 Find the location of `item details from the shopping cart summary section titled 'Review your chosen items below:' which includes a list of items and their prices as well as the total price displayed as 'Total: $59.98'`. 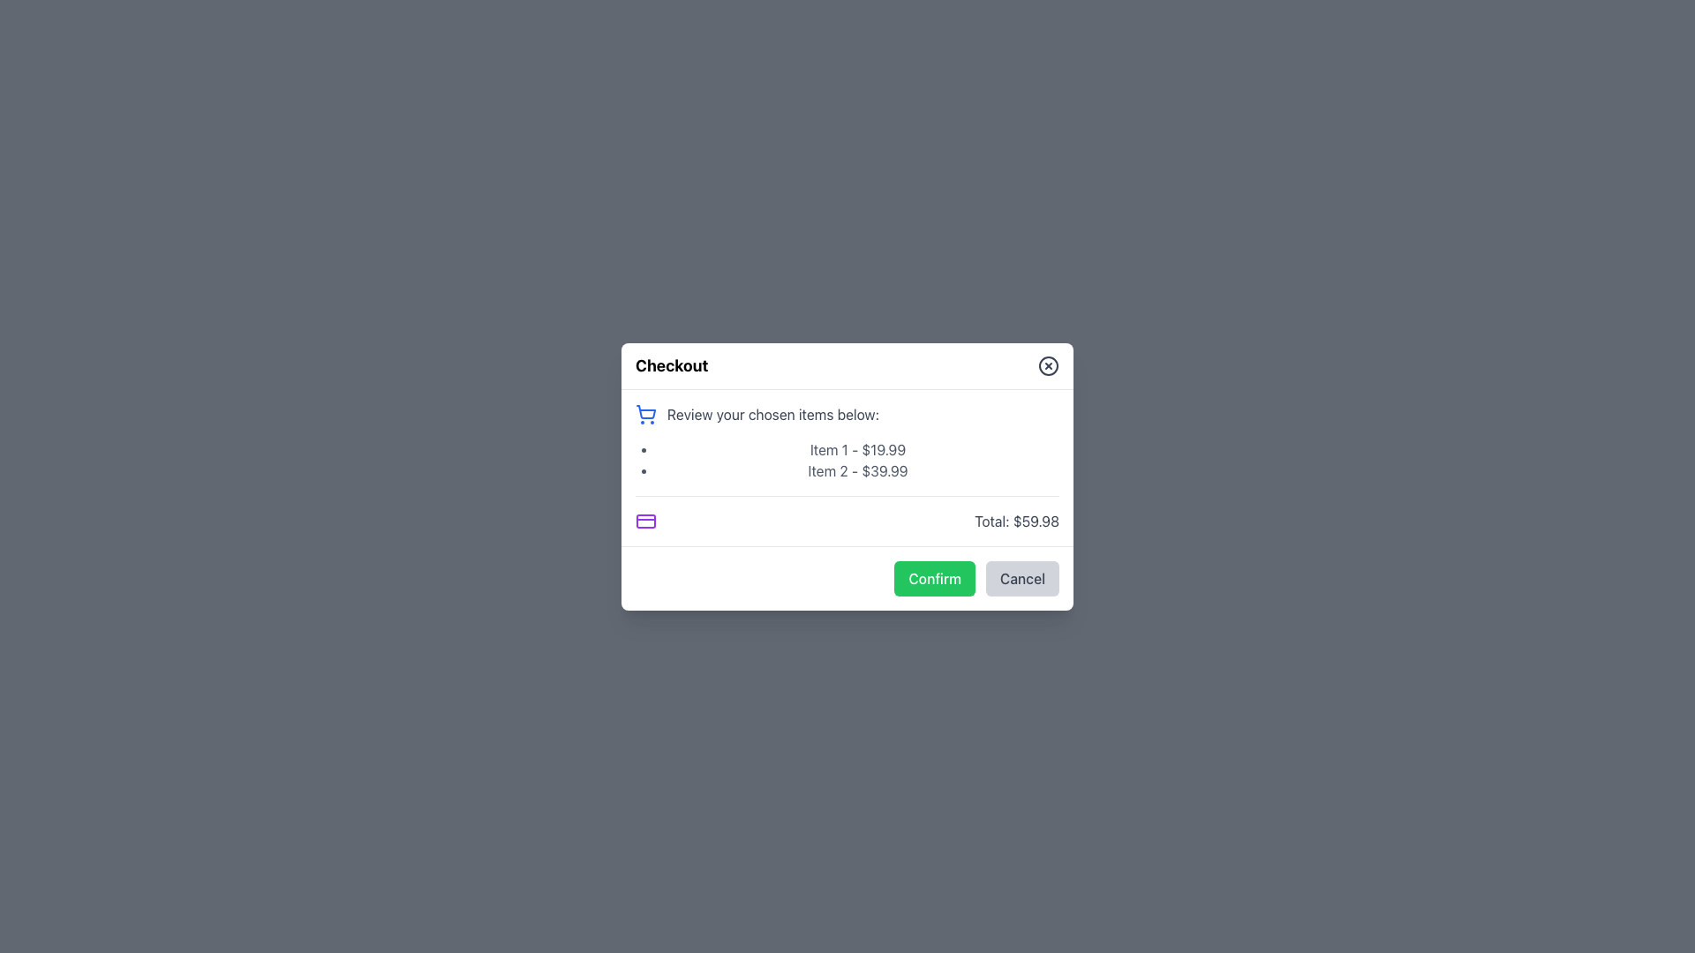

item details from the shopping cart summary section titled 'Review your chosen items below:' which includes a list of items and their prices as well as the total price displayed as 'Total: $59.98' is located at coordinates (847, 466).